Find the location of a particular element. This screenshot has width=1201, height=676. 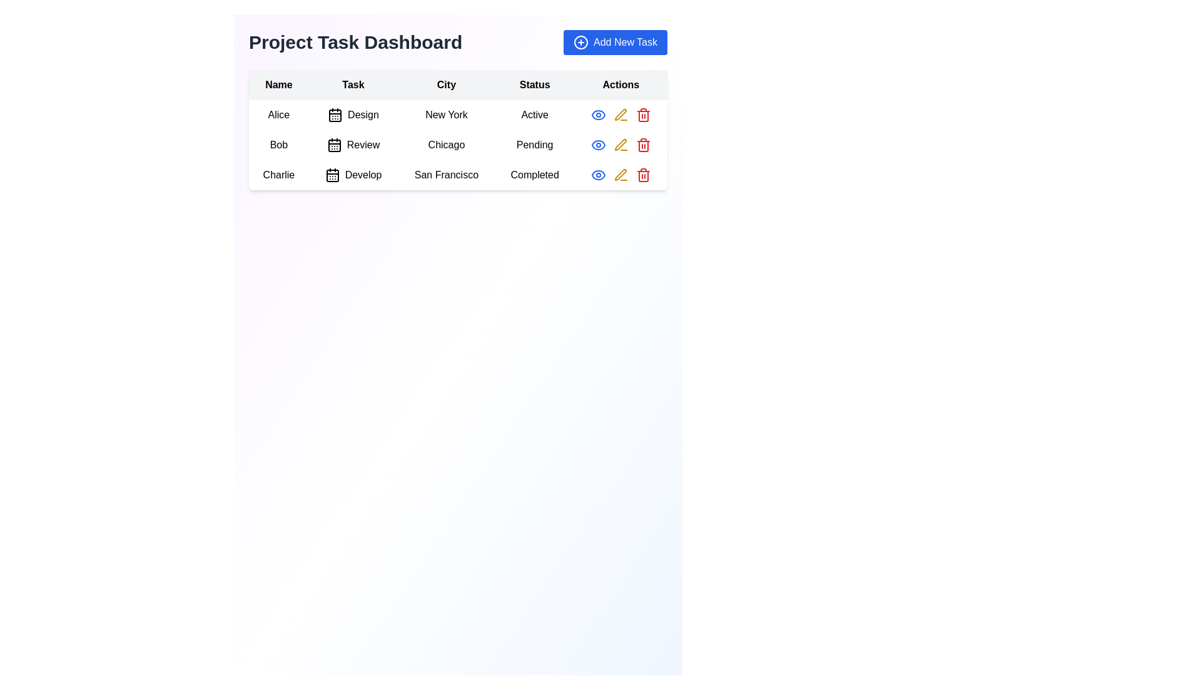

the red trash can icon in the 'Actions' column of the second row of the table is located at coordinates (643, 144).